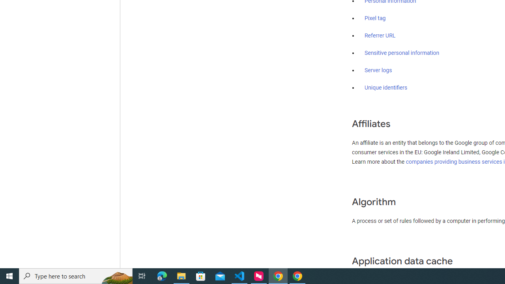 This screenshot has height=284, width=505. I want to click on 'Server logs', so click(378, 70).